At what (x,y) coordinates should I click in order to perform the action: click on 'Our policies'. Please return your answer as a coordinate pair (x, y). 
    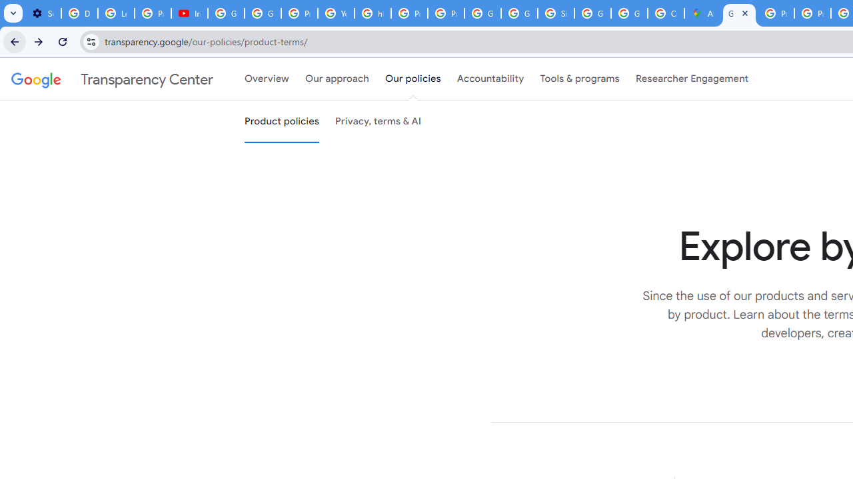
    Looking at the image, I should click on (413, 79).